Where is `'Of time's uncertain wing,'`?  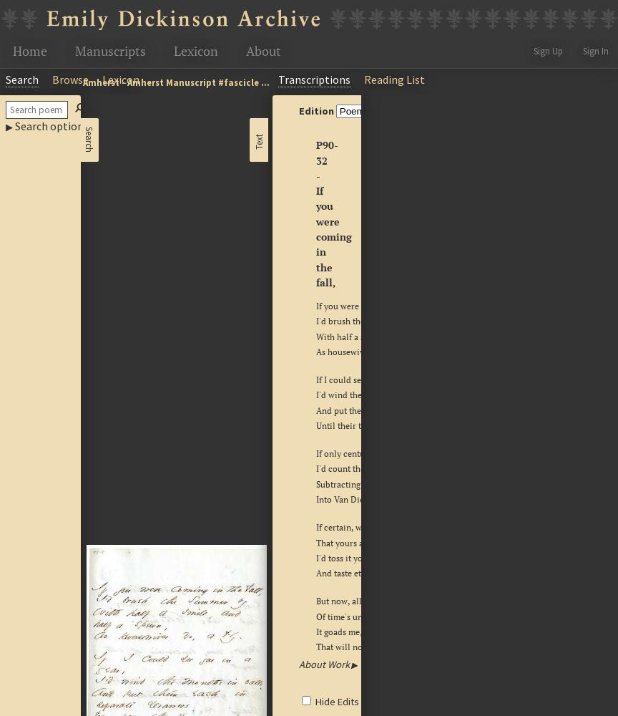 'Of time's uncertain wing,' is located at coordinates (363, 615).